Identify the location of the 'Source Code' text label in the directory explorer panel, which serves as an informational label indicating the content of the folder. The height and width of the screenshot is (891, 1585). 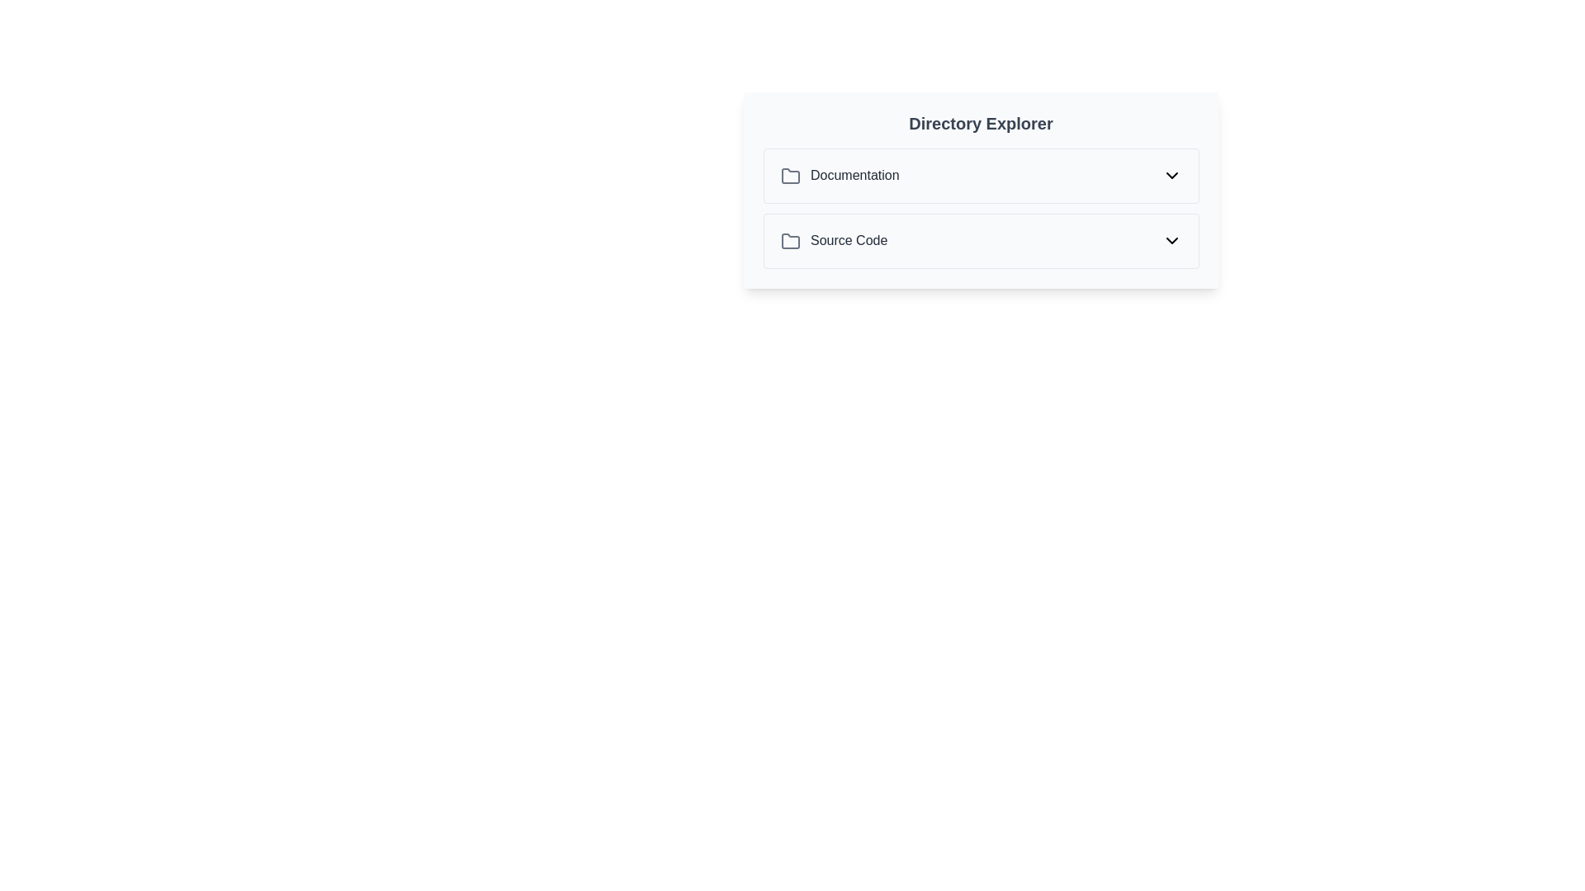
(834, 241).